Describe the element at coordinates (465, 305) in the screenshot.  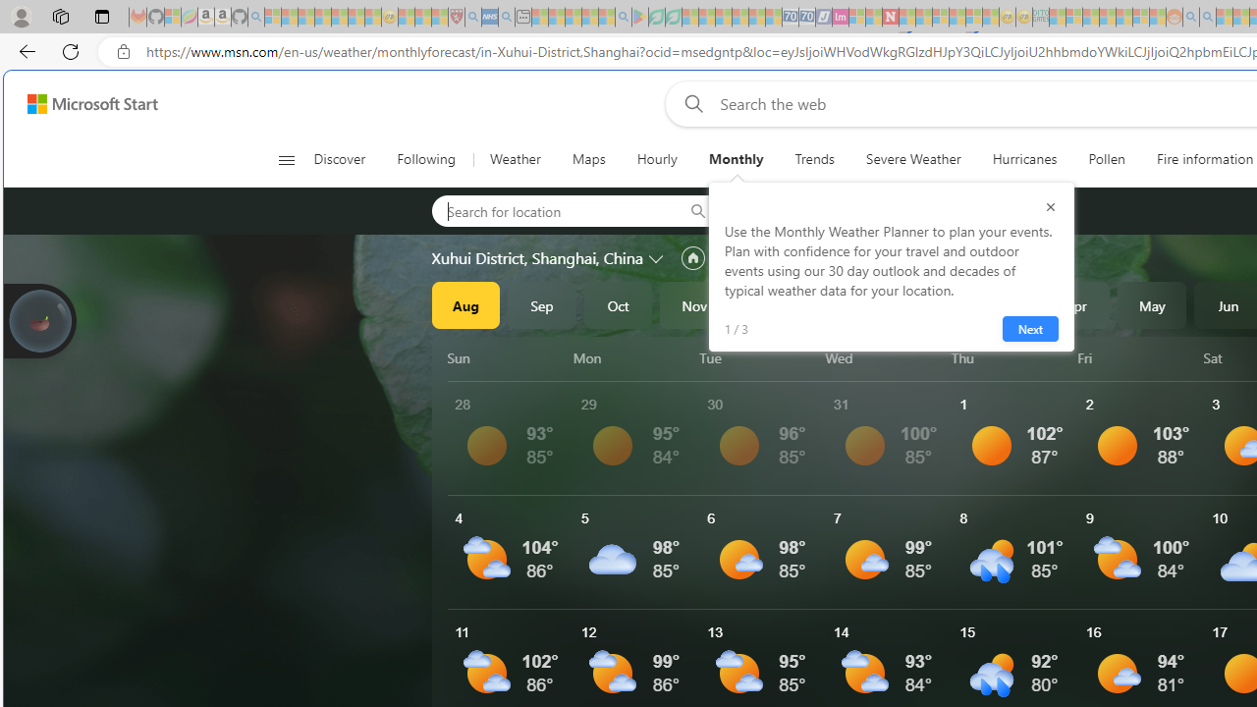
I see `'Aug'` at that location.